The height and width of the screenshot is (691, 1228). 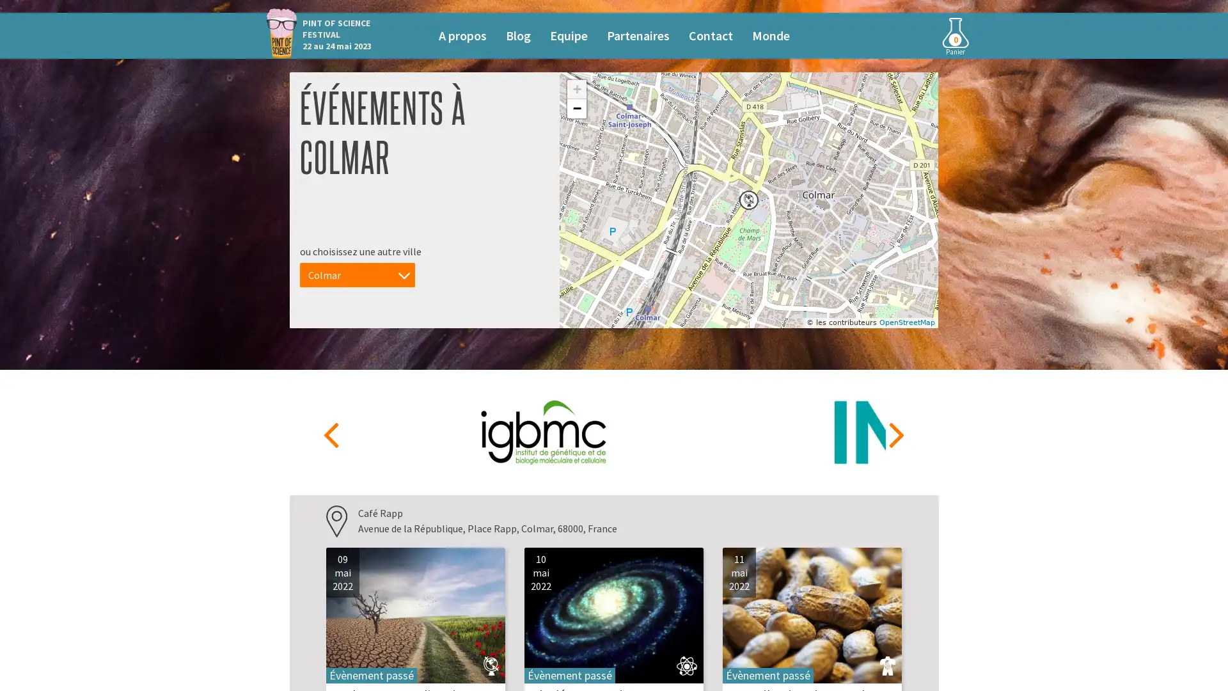 What do you see at coordinates (576, 107) in the screenshot?
I see `Zoom out` at bounding box center [576, 107].